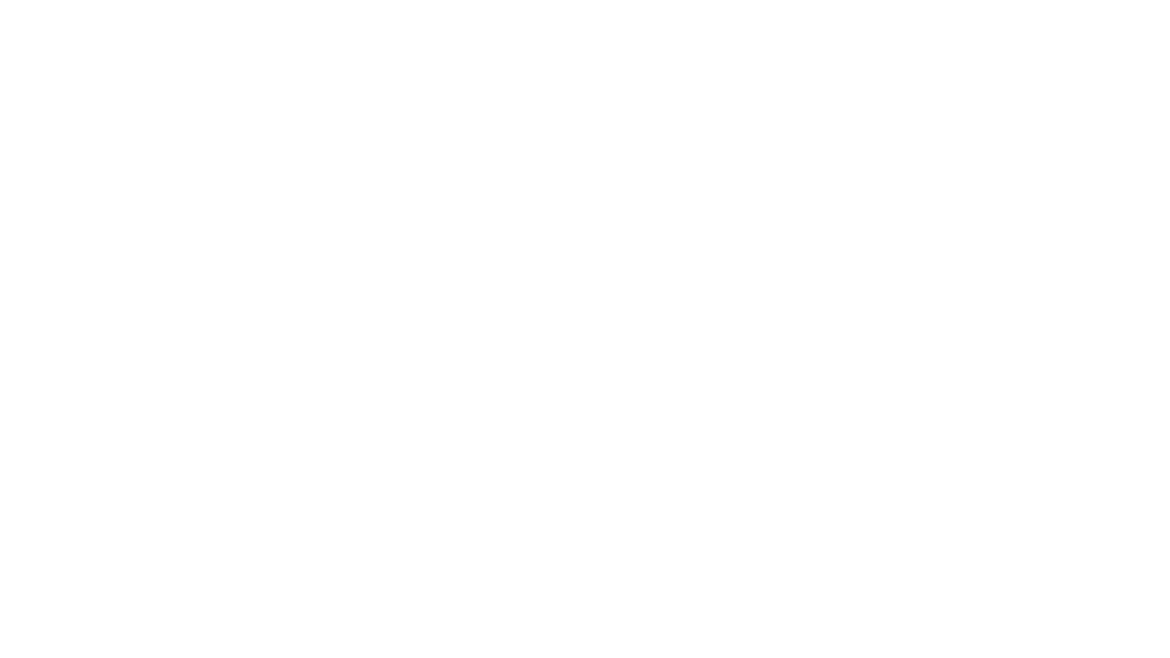 This screenshot has width=1170, height=658. I want to click on Accepter, so click(955, 636).